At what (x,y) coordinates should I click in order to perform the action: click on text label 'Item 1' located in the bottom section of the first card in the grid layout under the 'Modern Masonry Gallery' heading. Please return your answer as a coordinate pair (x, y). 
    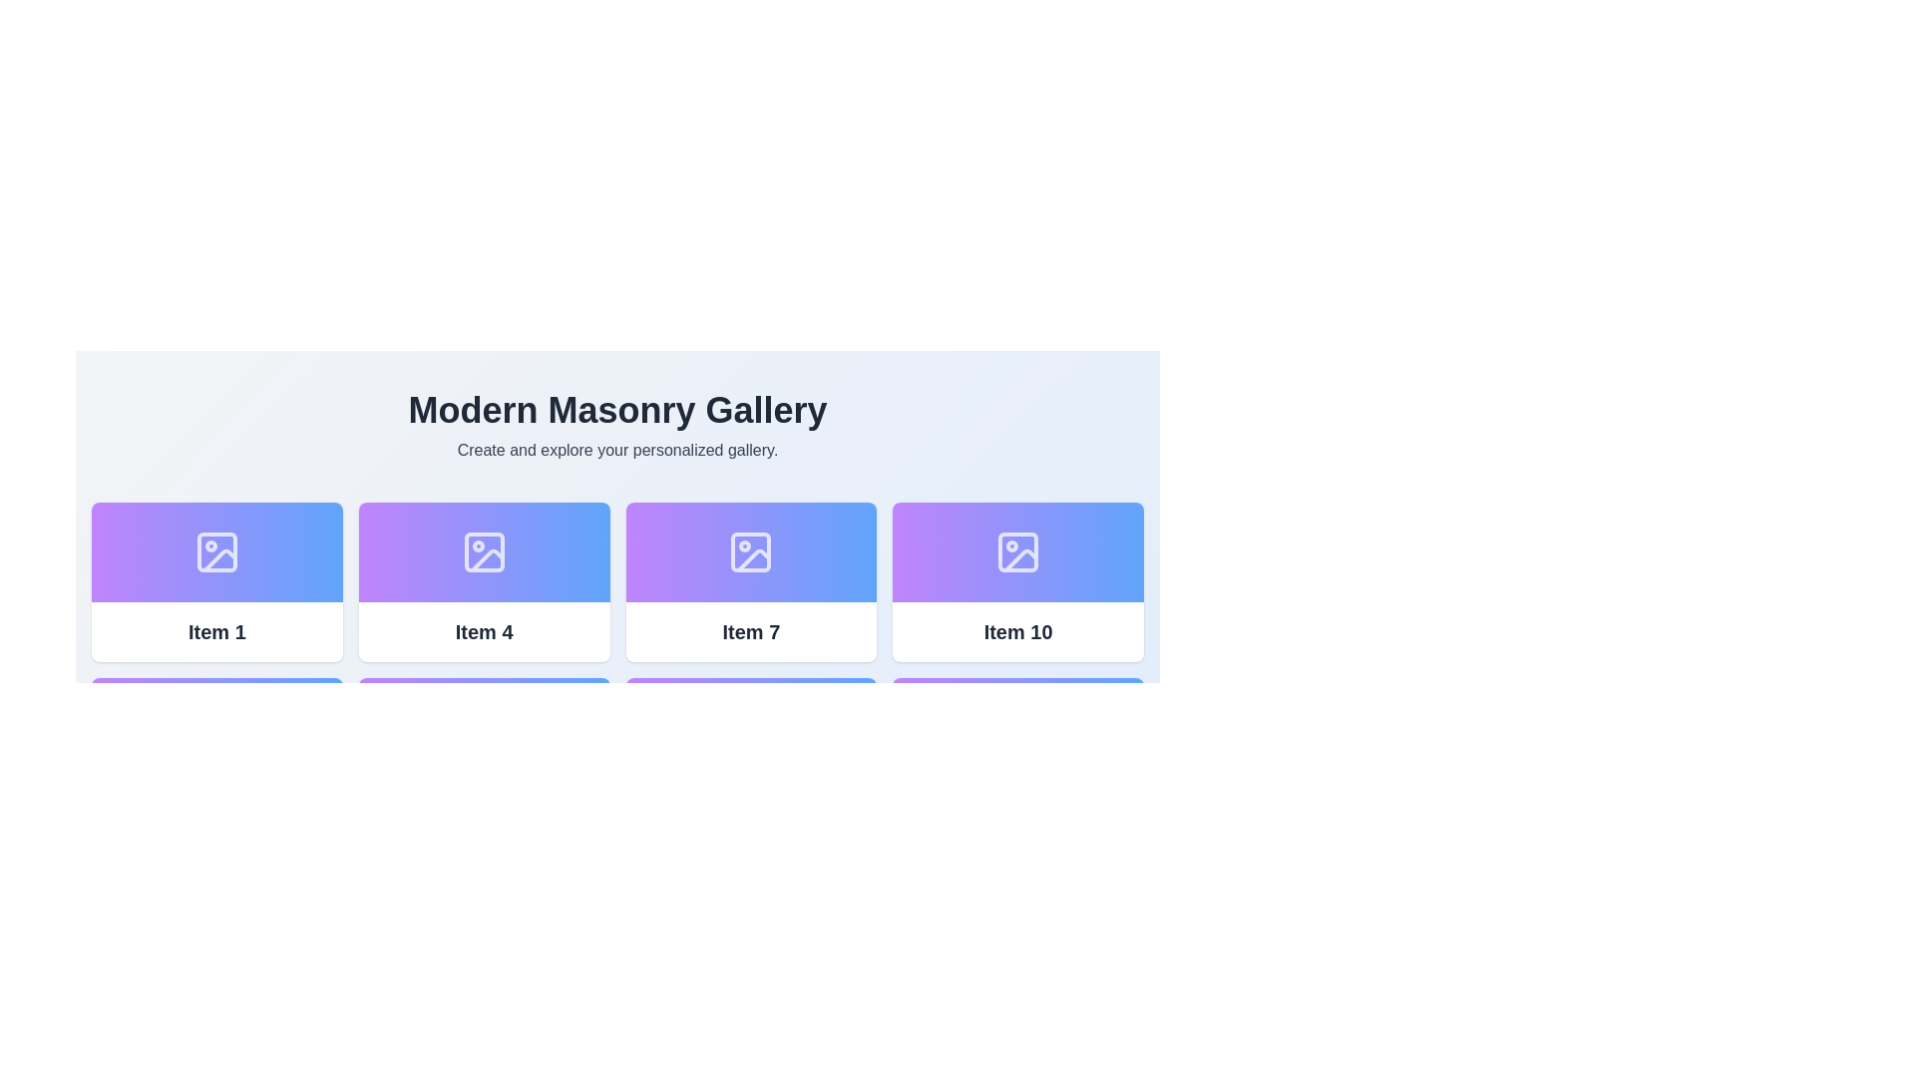
    Looking at the image, I should click on (216, 631).